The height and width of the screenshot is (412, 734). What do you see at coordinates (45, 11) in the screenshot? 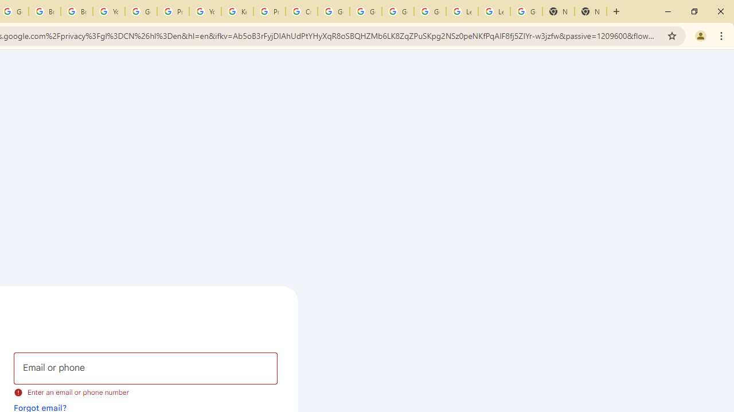
I see `'Brand Resource Center'` at bounding box center [45, 11].